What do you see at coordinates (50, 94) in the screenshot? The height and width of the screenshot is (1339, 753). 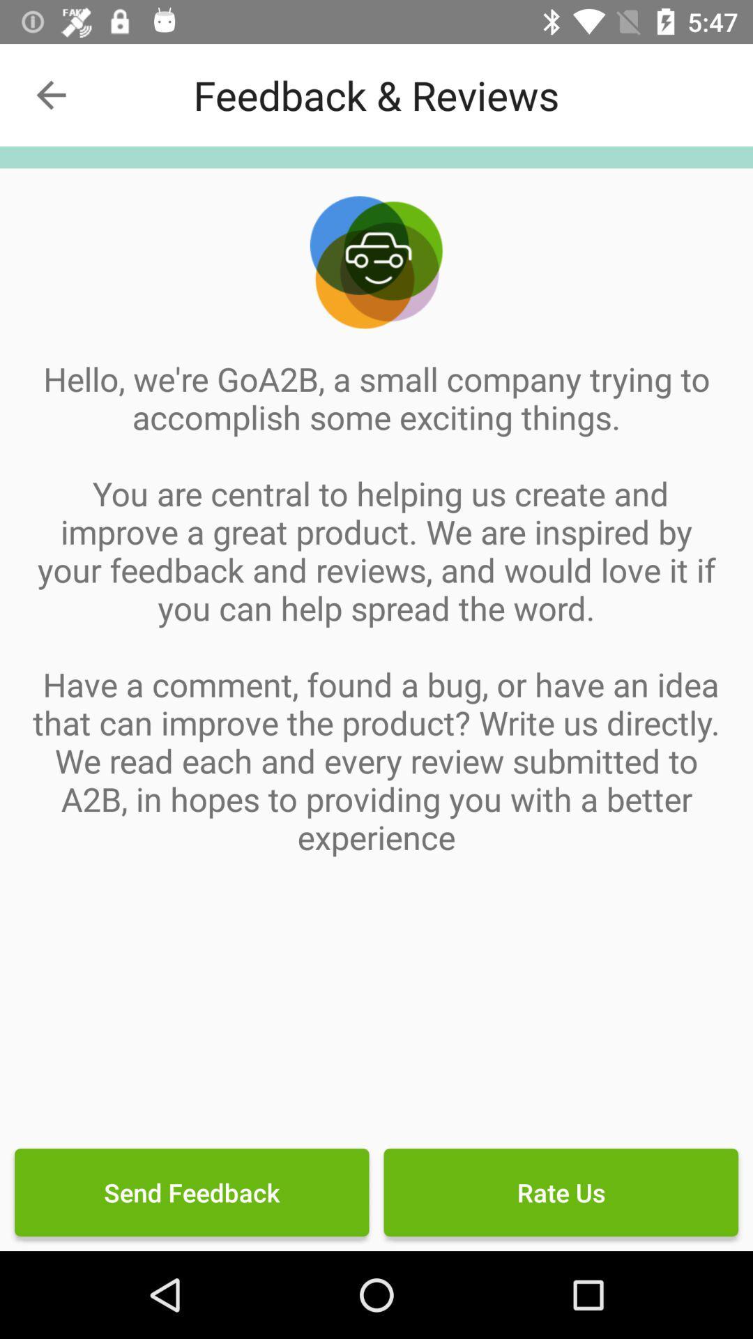 I see `item at the top left corner` at bounding box center [50, 94].